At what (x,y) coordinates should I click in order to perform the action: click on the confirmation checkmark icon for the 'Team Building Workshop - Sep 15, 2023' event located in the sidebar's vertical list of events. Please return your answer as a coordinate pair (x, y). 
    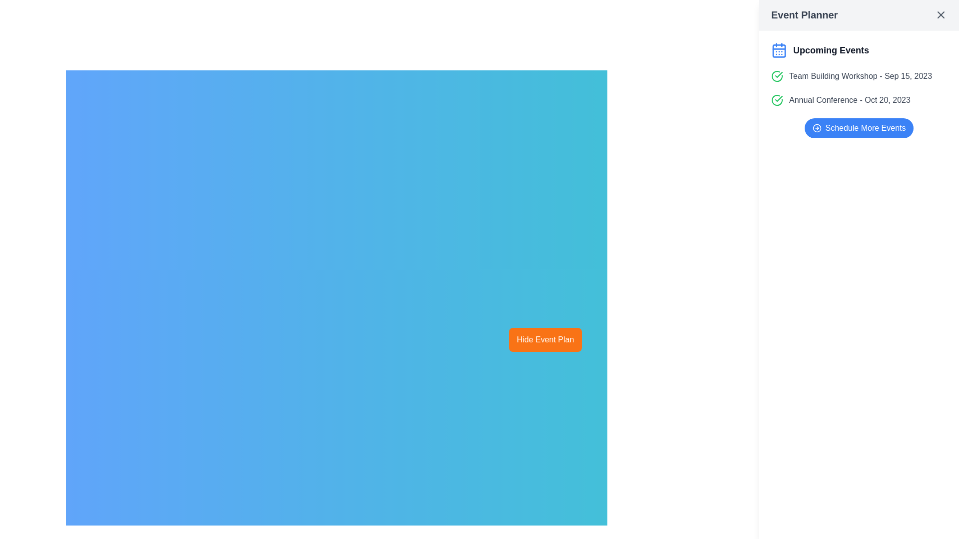
    Looking at the image, I should click on (778, 98).